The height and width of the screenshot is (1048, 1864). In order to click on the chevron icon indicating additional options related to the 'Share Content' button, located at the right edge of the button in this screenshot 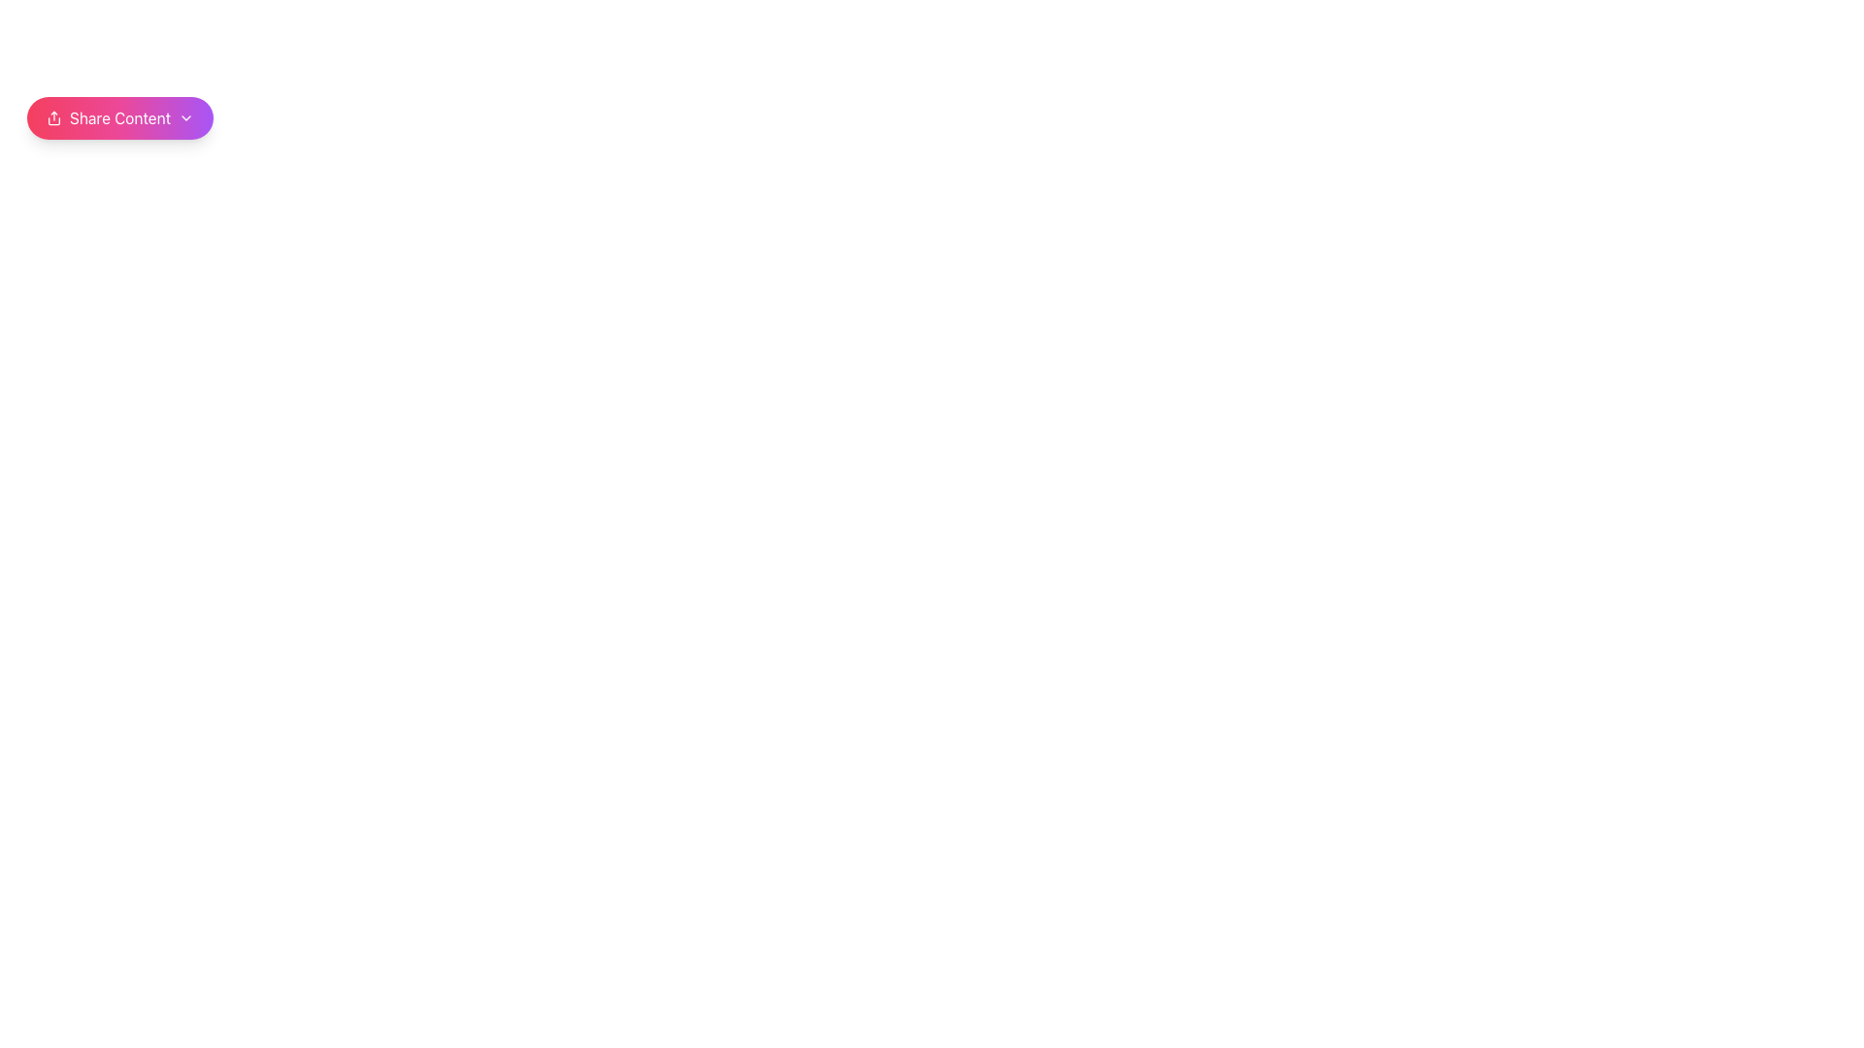, I will do `click(186, 118)`.